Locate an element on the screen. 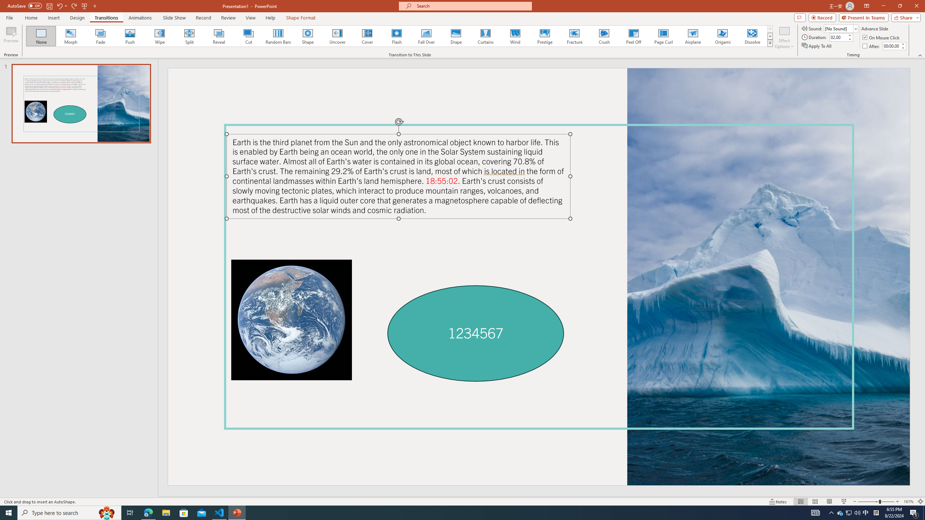 The width and height of the screenshot is (925, 520). 'None' is located at coordinates (41, 36).